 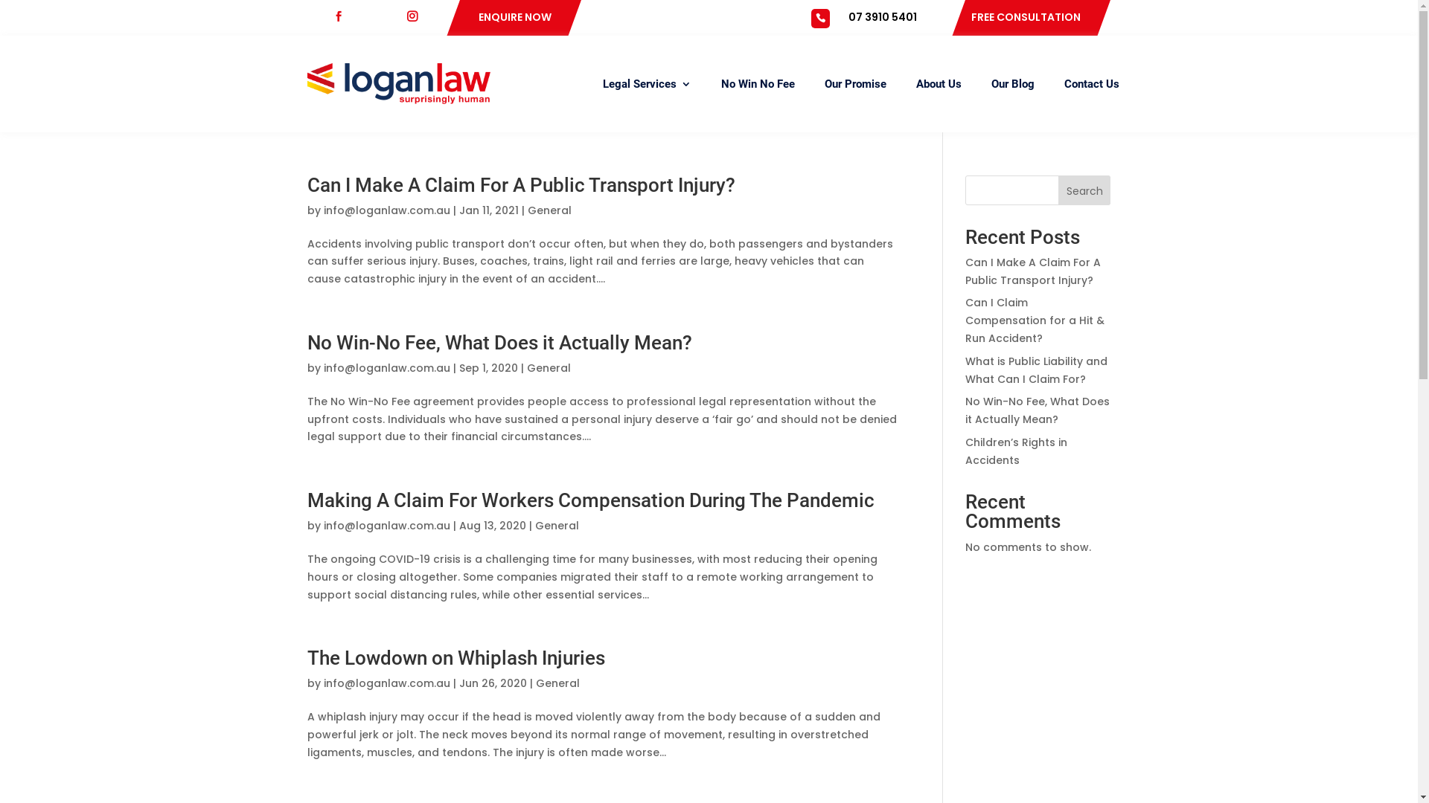 What do you see at coordinates (965, 271) in the screenshot?
I see `'Can I Make A Claim For A Public Transport Injury?'` at bounding box center [965, 271].